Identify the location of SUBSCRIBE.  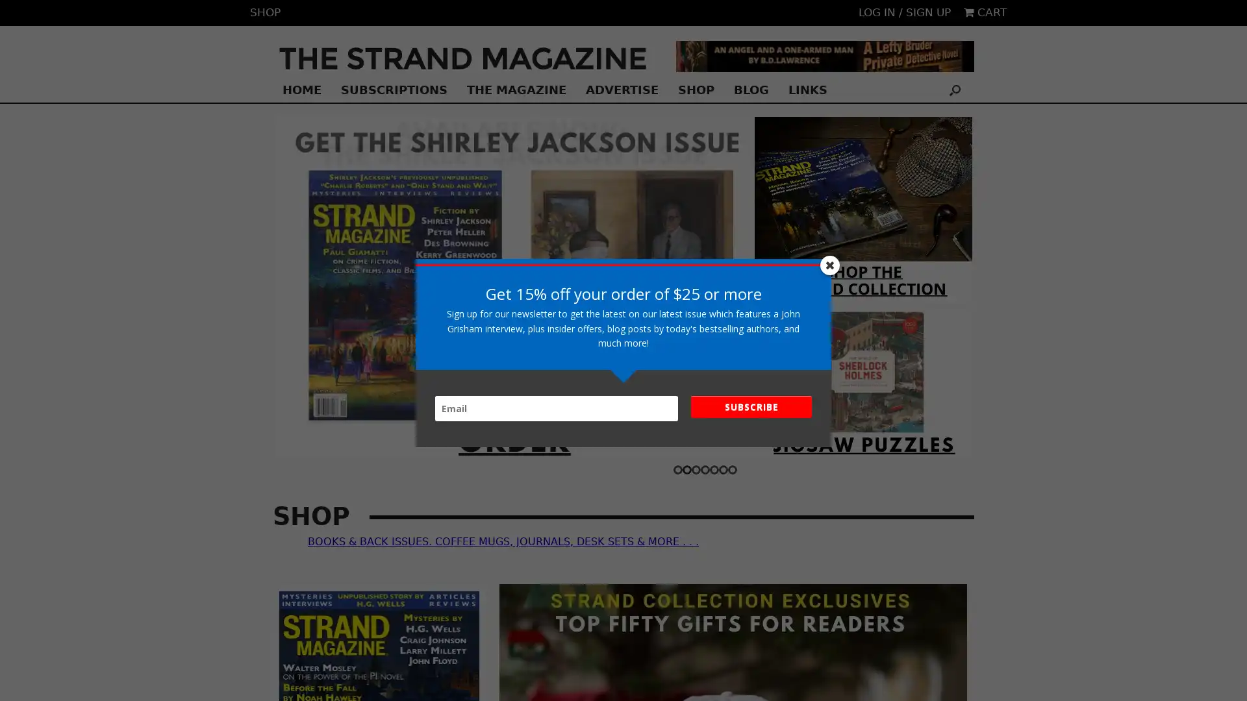
(751, 406).